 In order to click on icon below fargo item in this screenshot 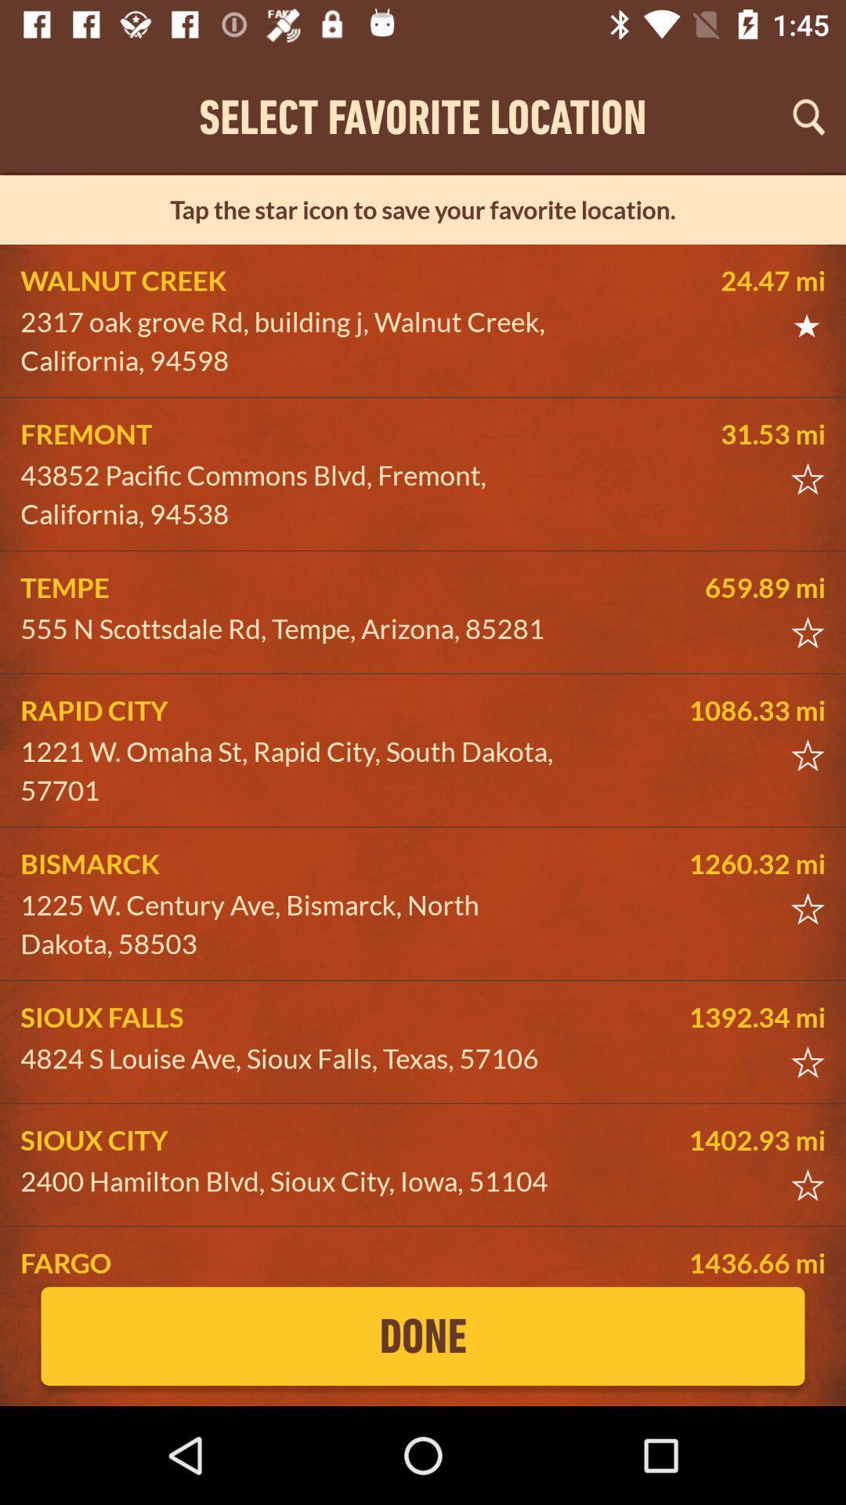, I will do `click(423, 1335)`.